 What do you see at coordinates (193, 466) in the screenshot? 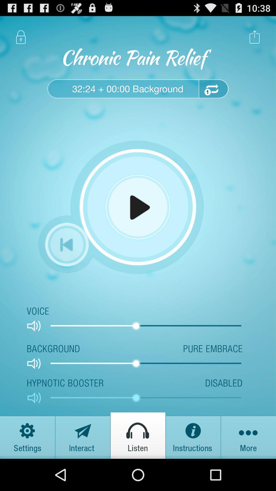
I see `the info icon` at bounding box center [193, 466].